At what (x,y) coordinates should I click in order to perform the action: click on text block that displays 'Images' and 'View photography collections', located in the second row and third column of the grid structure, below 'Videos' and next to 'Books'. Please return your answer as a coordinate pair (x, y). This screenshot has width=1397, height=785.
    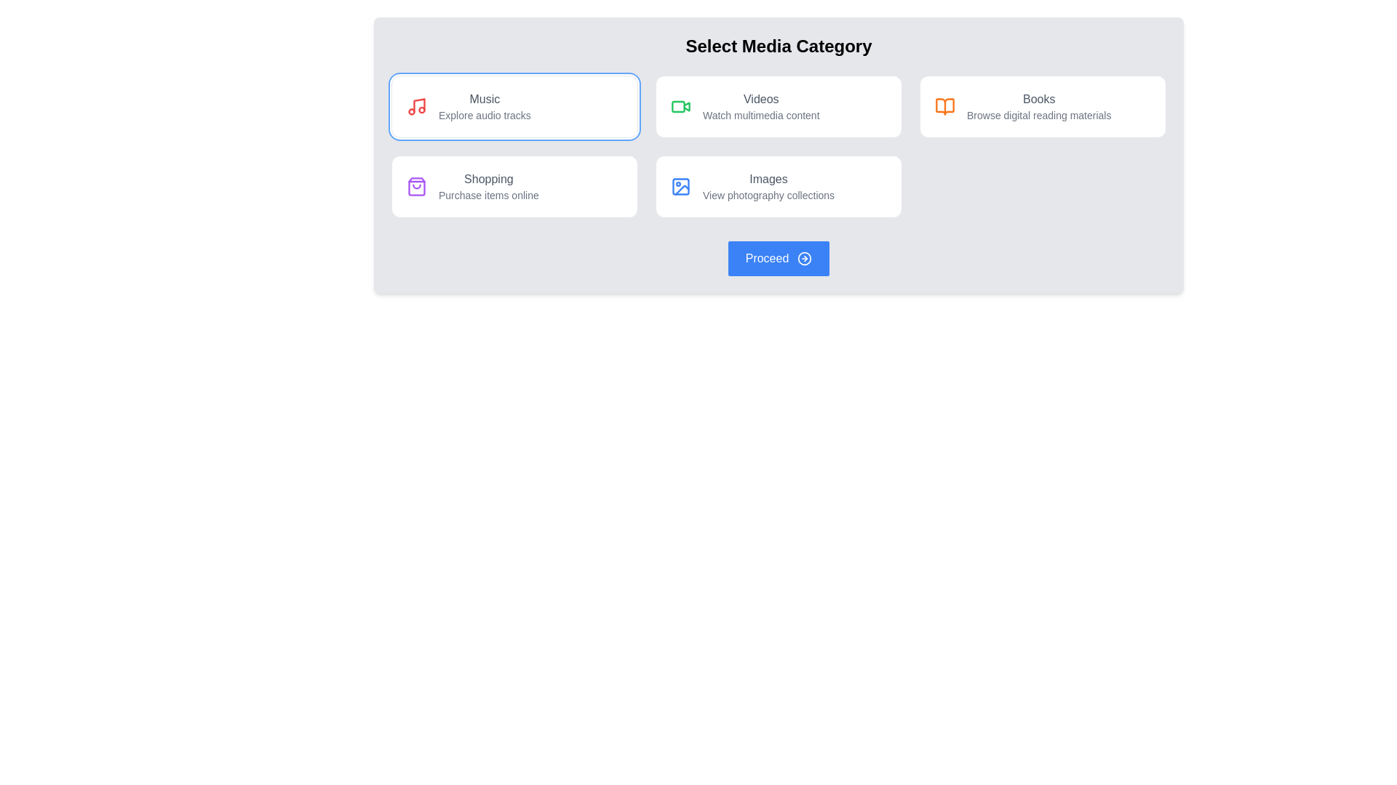
    Looking at the image, I should click on (768, 186).